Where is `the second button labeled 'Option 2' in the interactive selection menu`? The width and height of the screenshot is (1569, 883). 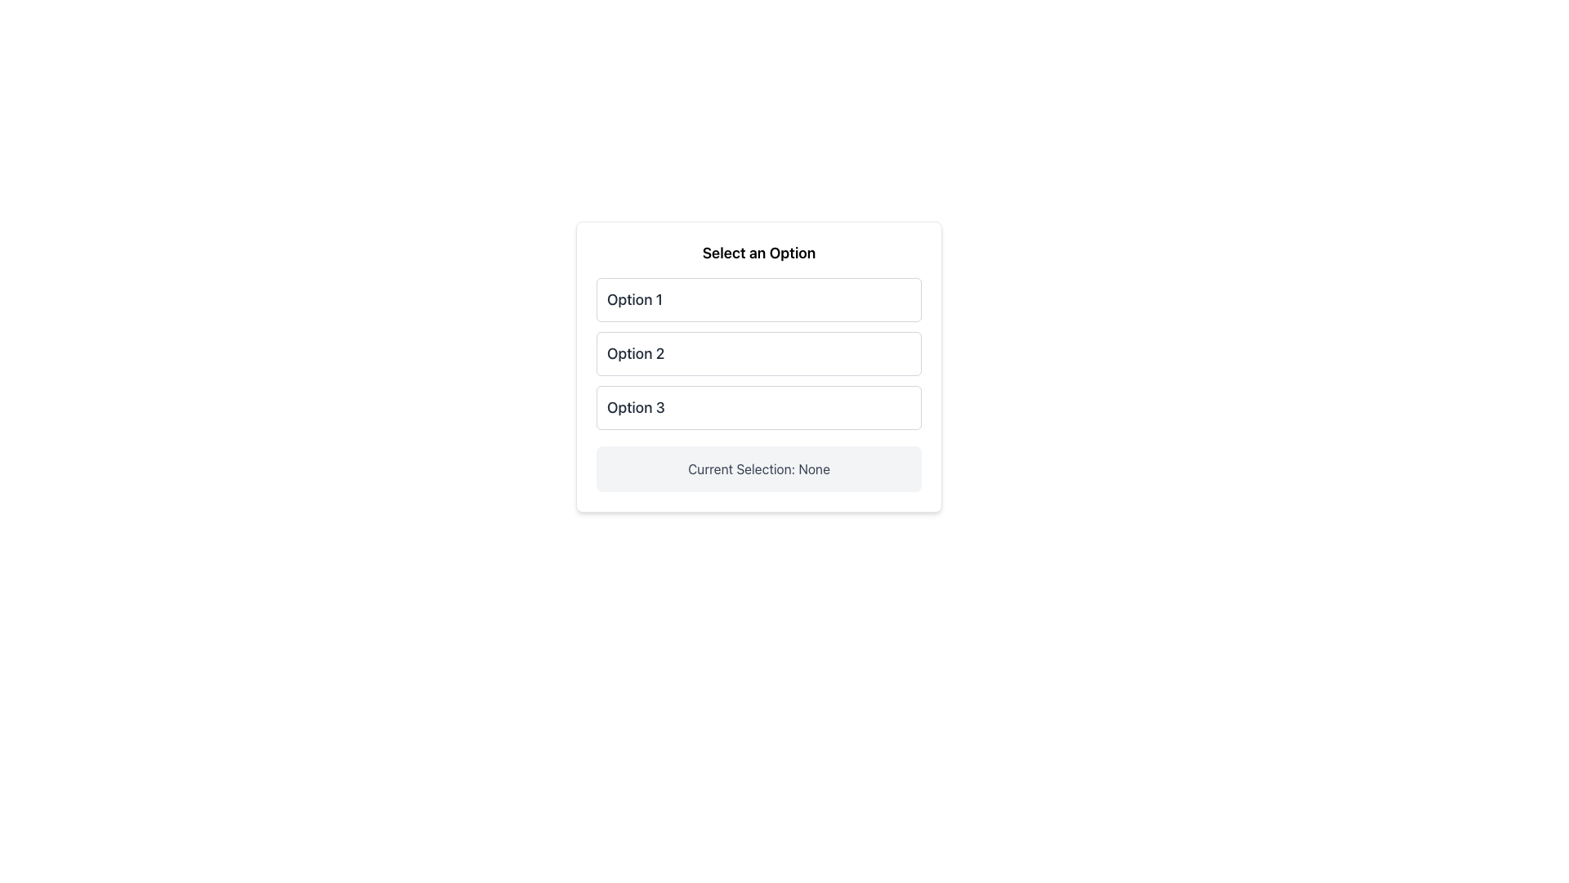 the second button labeled 'Option 2' in the interactive selection menu is located at coordinates (758, 365).